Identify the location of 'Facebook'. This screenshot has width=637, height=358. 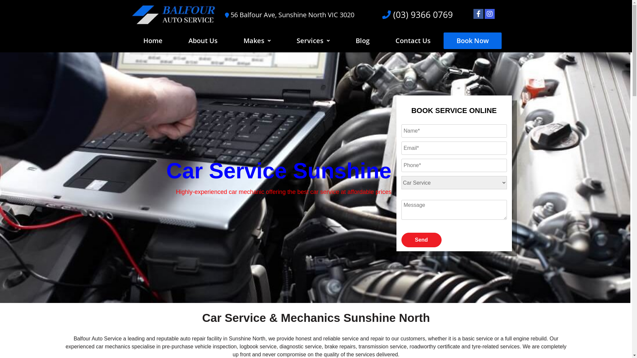
(476, 14).